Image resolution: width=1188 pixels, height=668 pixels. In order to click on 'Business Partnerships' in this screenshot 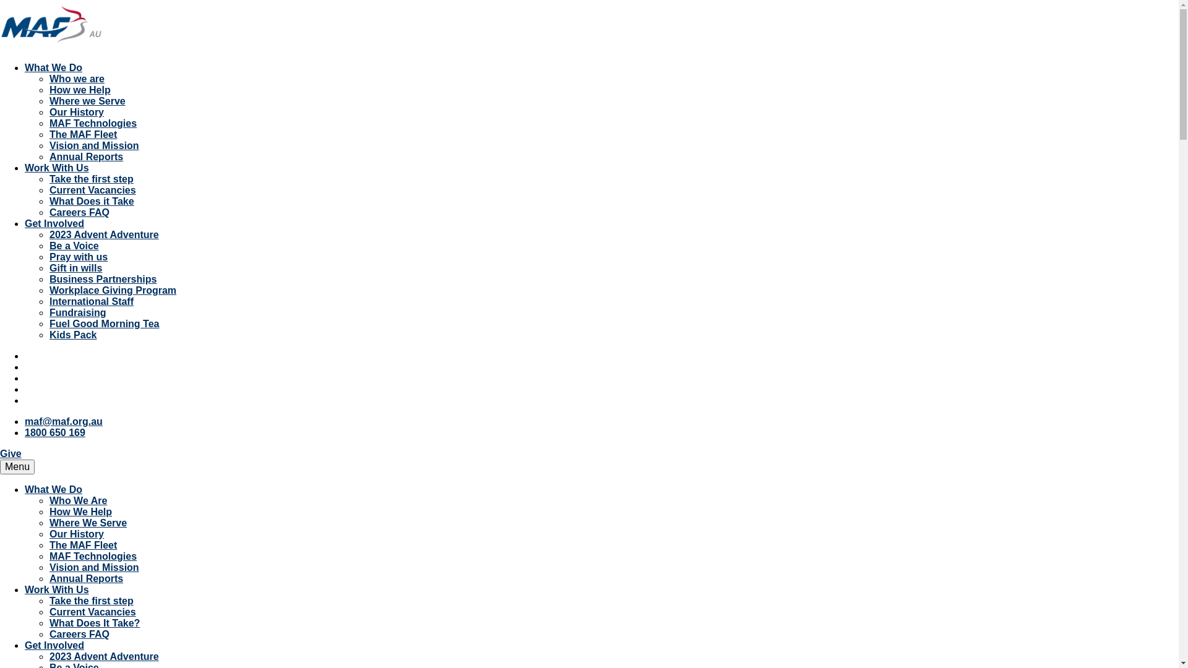, I will do `click(49, 279)`.